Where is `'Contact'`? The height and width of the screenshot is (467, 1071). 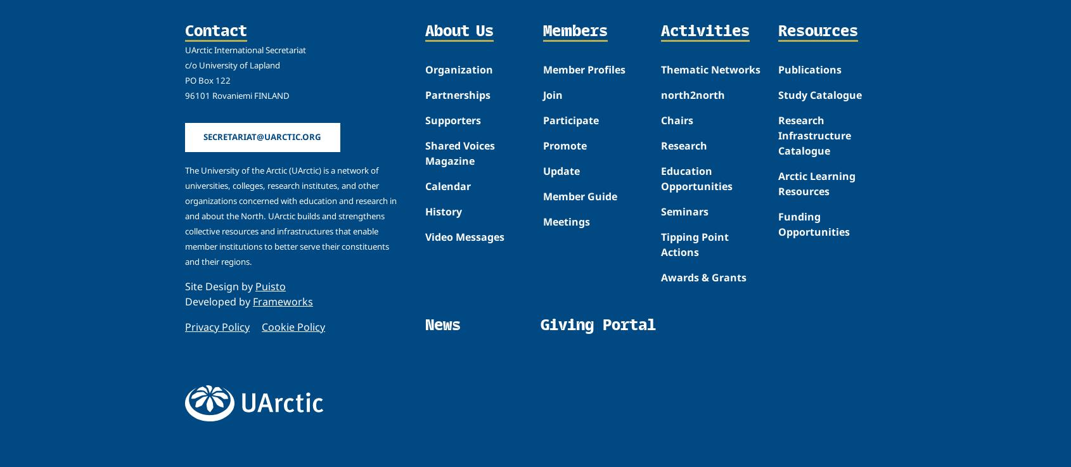 'Contact' is located at coordinates (215, 30).